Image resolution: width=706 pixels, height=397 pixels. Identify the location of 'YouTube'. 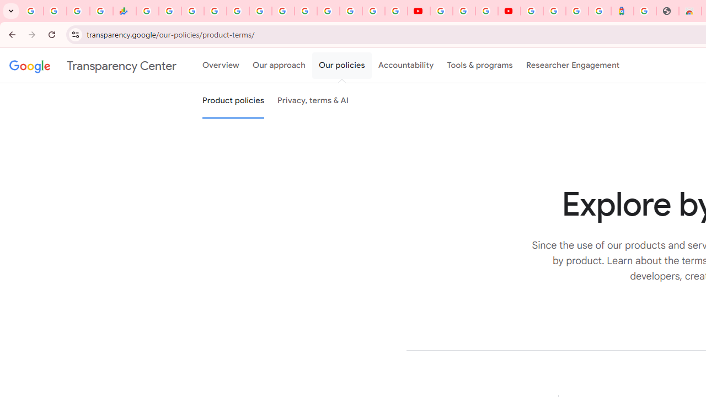
(441, 11).